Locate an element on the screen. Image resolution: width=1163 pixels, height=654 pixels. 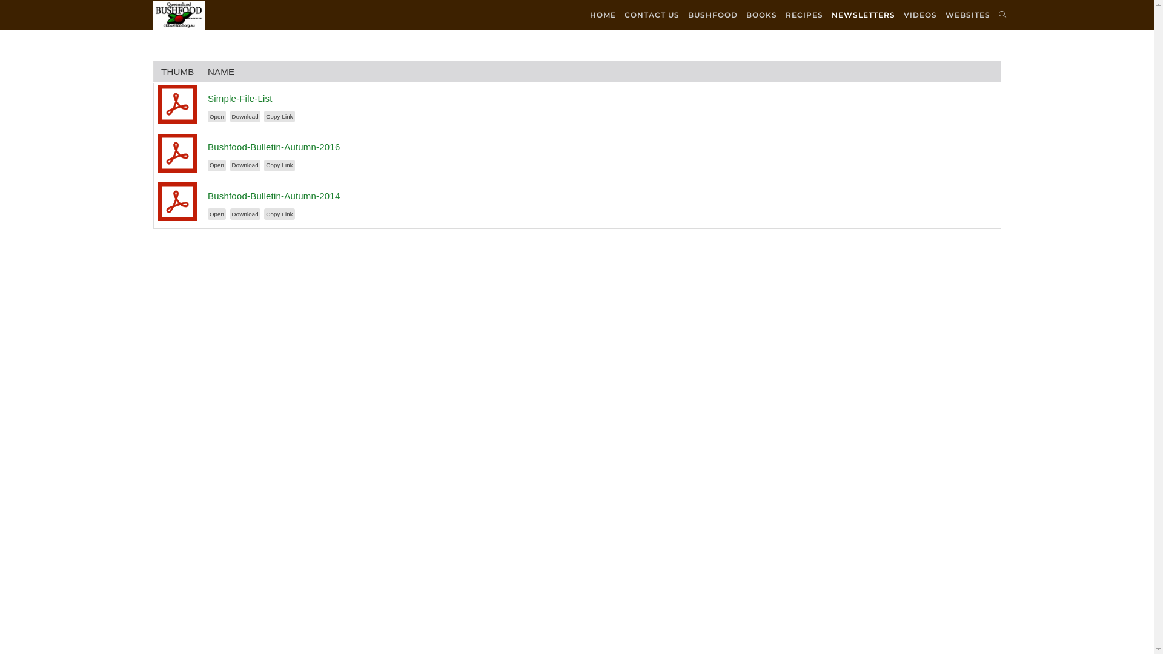
'WEBSITES' is located at coordinates (967, 15).